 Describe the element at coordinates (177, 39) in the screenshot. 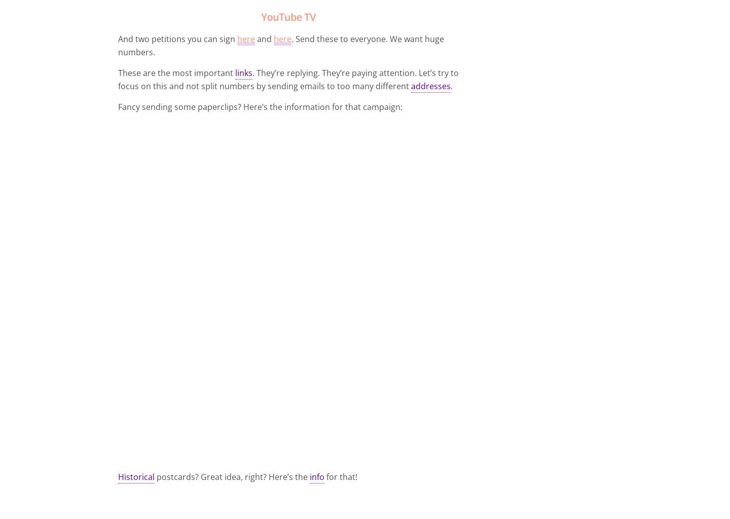

I see `'And two petitions you can sign'` at that location.